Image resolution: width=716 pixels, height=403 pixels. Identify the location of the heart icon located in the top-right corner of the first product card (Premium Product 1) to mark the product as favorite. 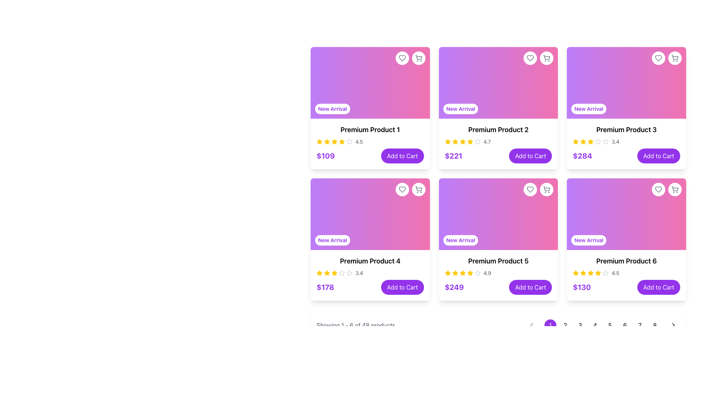
(402, 57).